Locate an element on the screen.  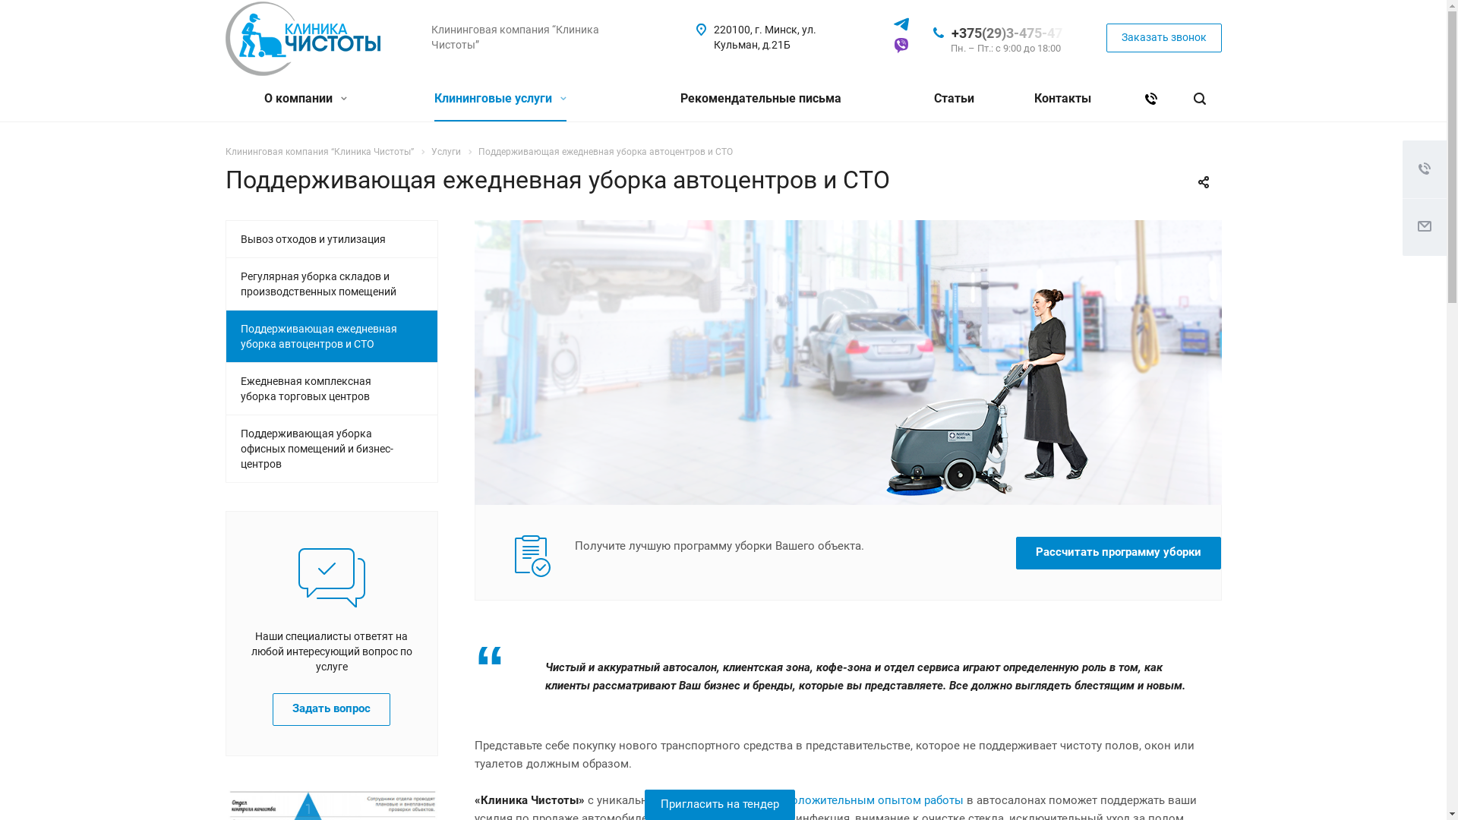
'+375(29)3-475-47' is located at coordinates (1009, 32).